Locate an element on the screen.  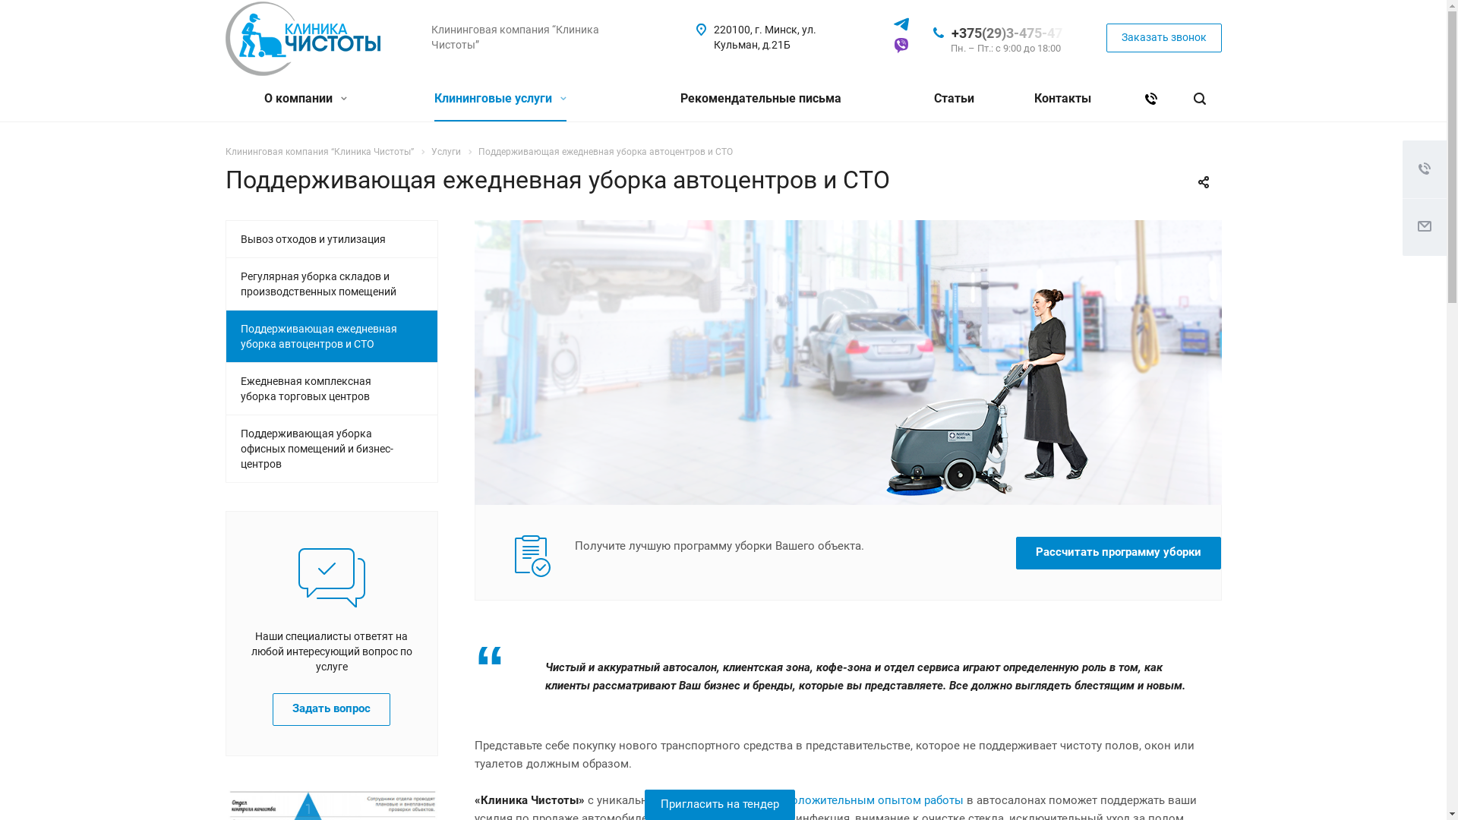
'+375(29)3-475-47' is located at coordinates (1009, 32).